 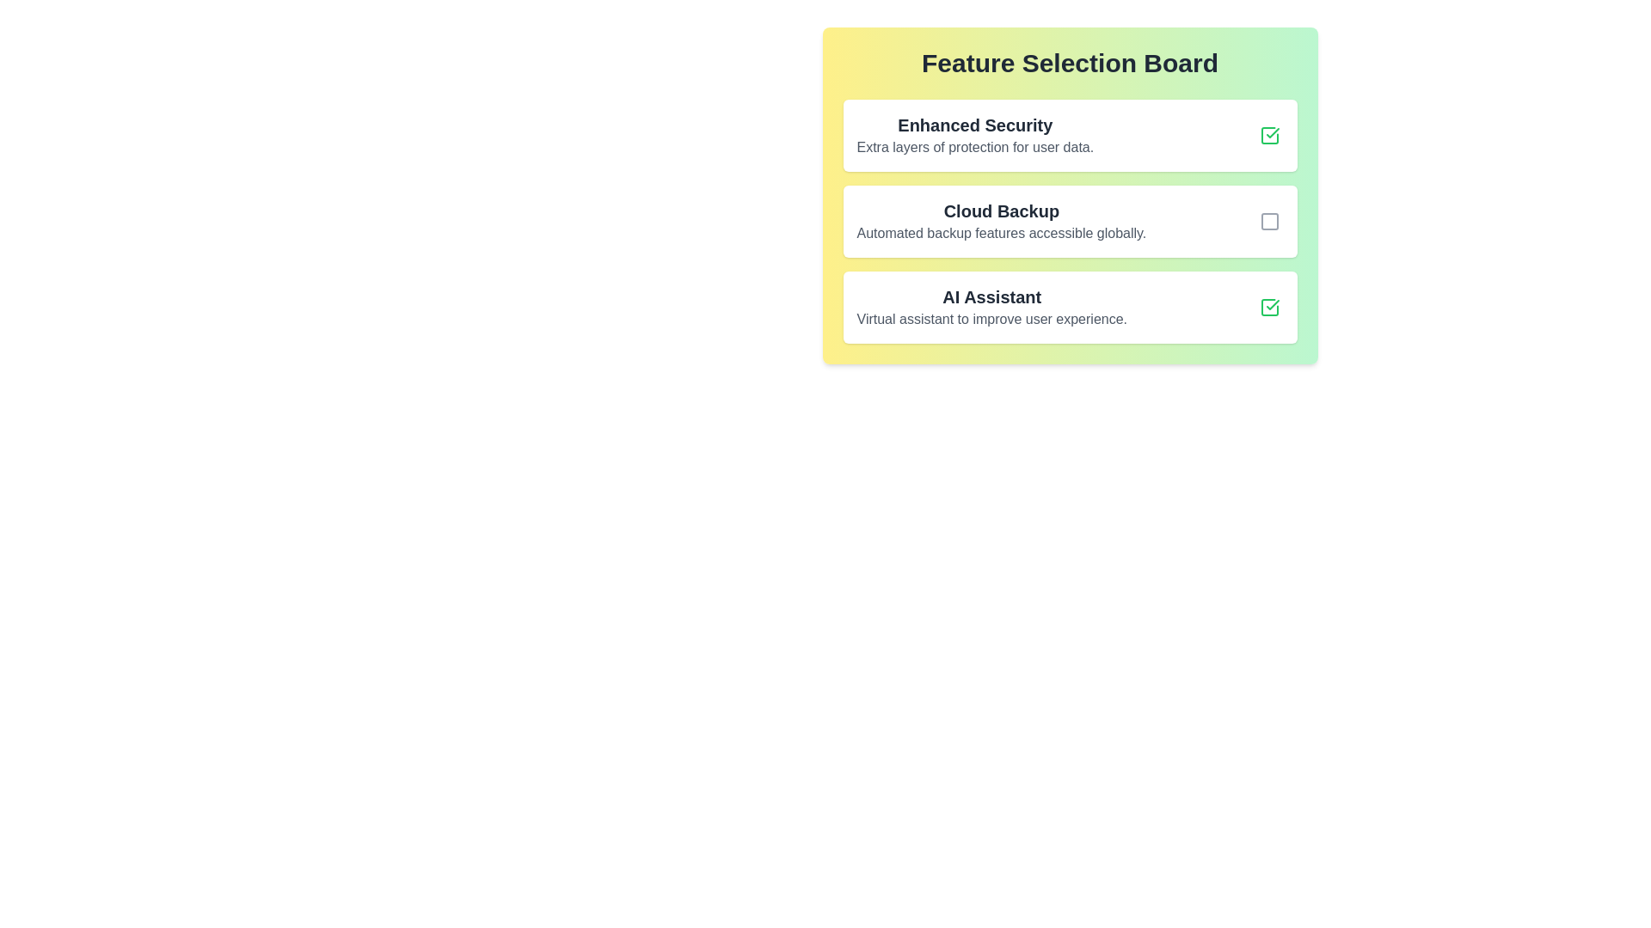 I want to click on the SVG graphic checkmark icon that indicates the selection or completion of the 'AI Assistant' list item in the 'Feature Selection Board' UI section, so click(x=1272, y=131).